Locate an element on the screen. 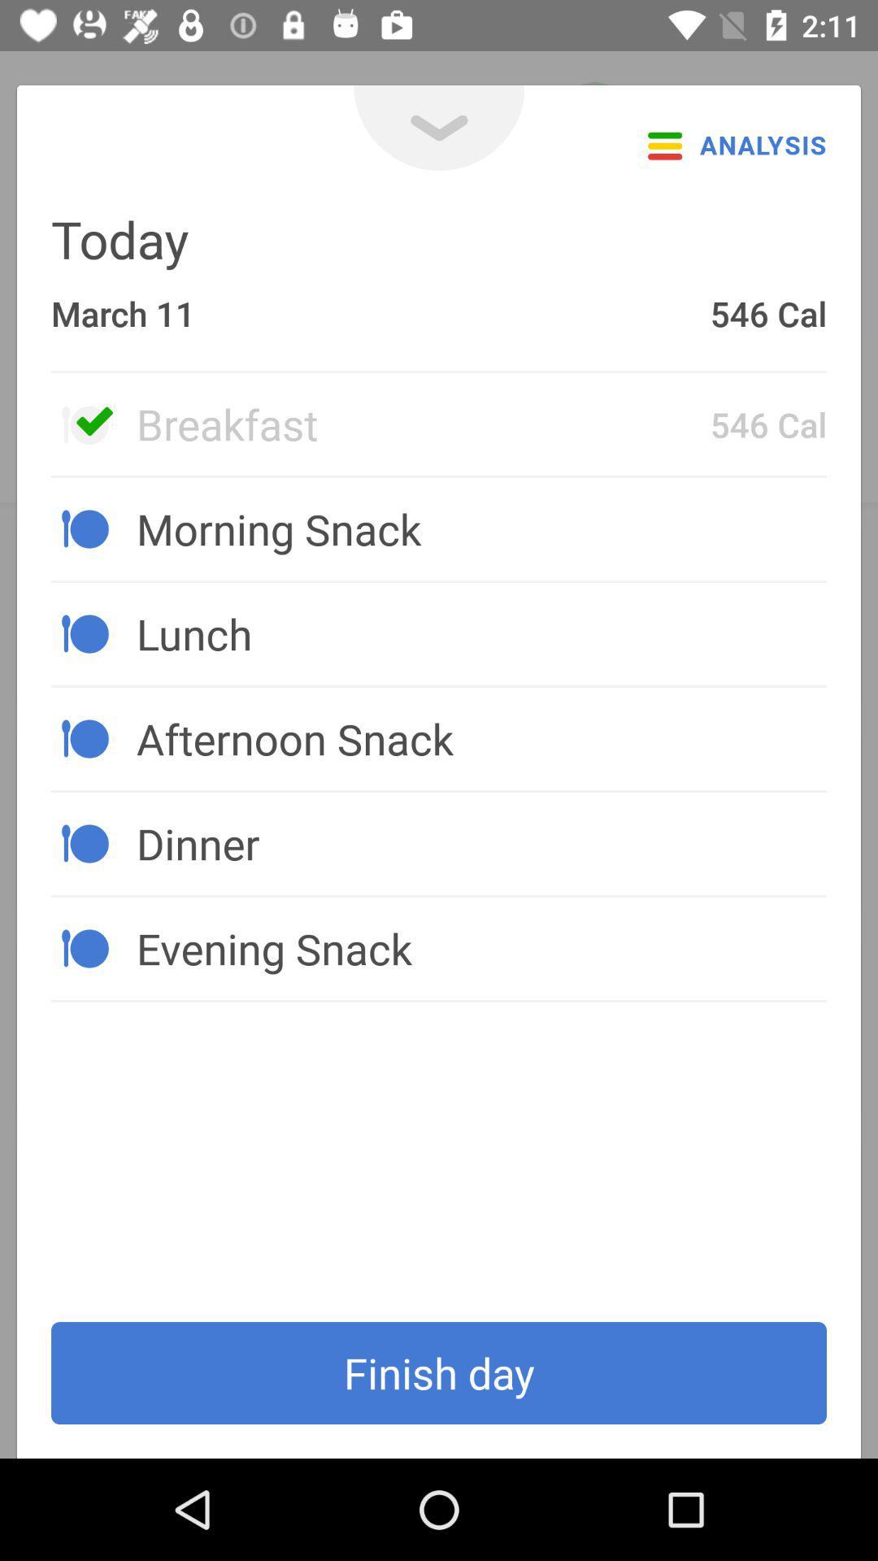  the item above 546 cal item is located at coordinates (439, 127).